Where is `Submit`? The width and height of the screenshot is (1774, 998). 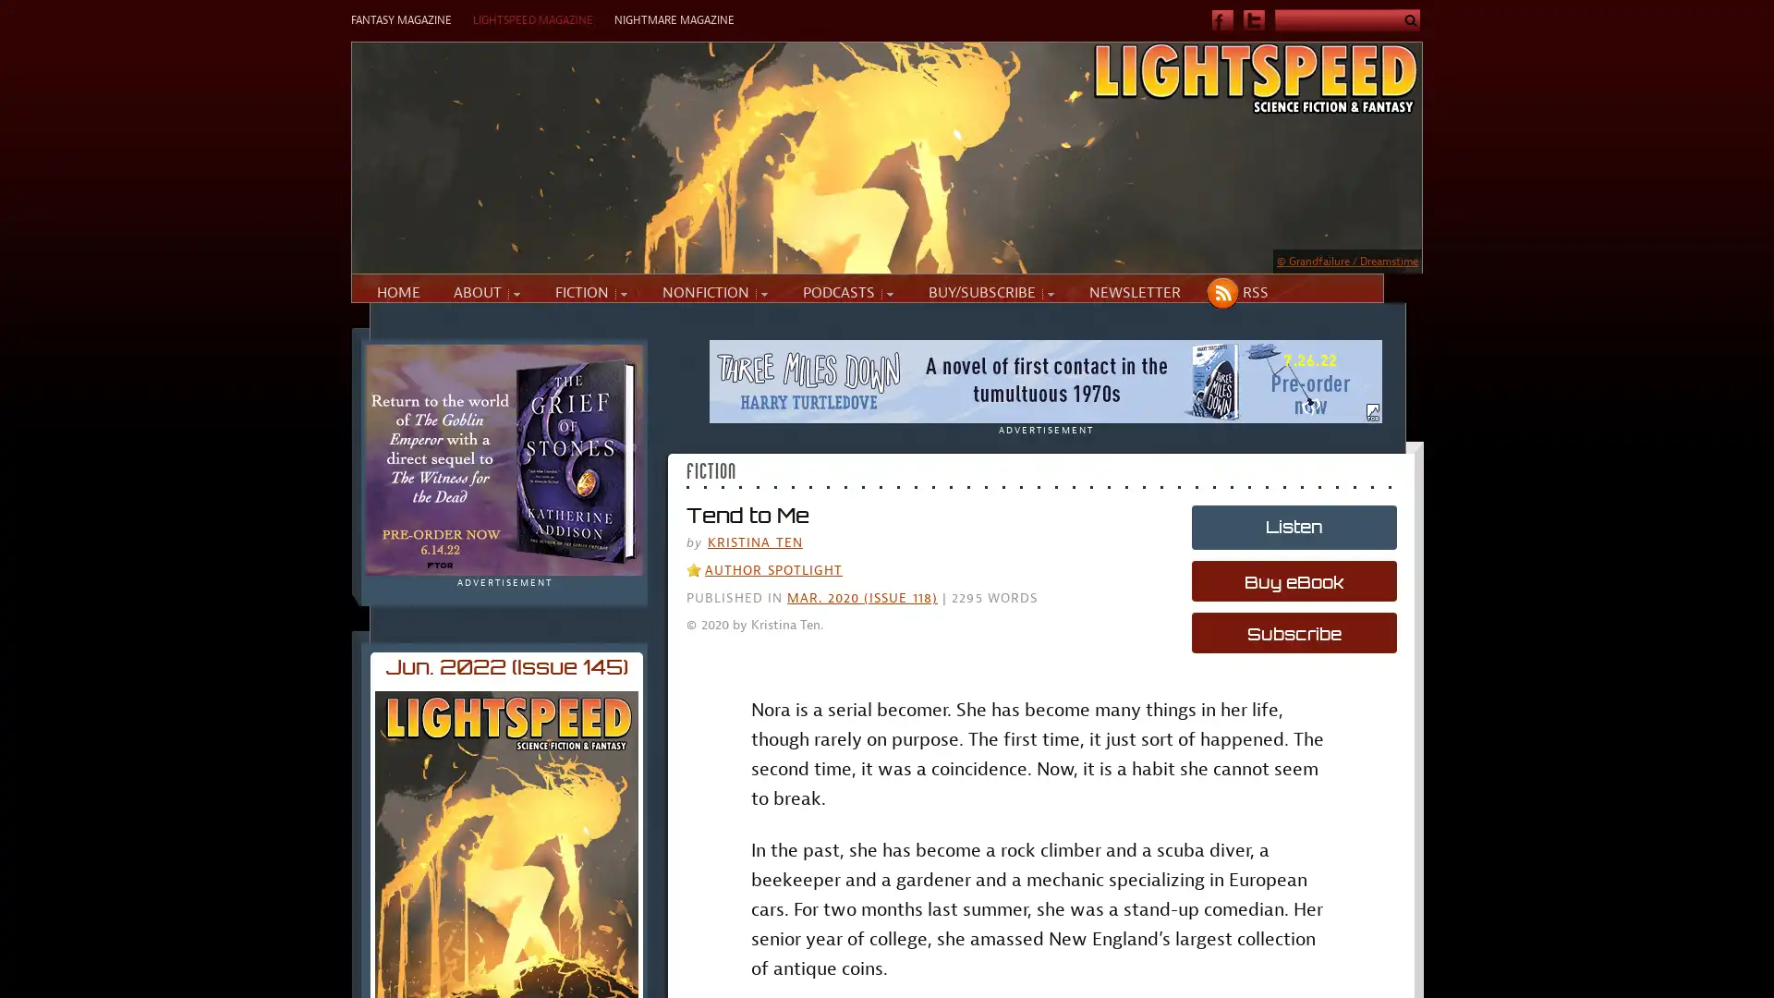 Submit is located at coordinates (1432, 19).